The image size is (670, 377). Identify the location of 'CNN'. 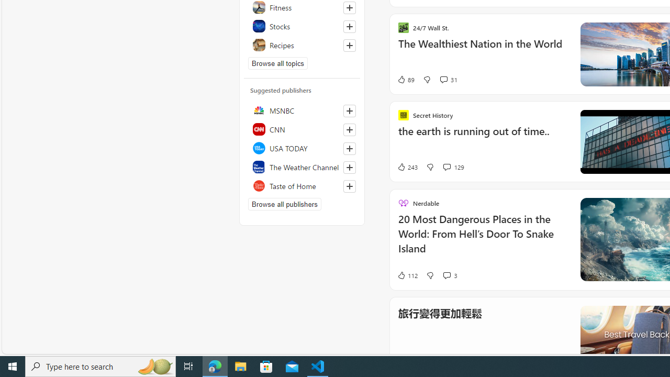
(301, 128).